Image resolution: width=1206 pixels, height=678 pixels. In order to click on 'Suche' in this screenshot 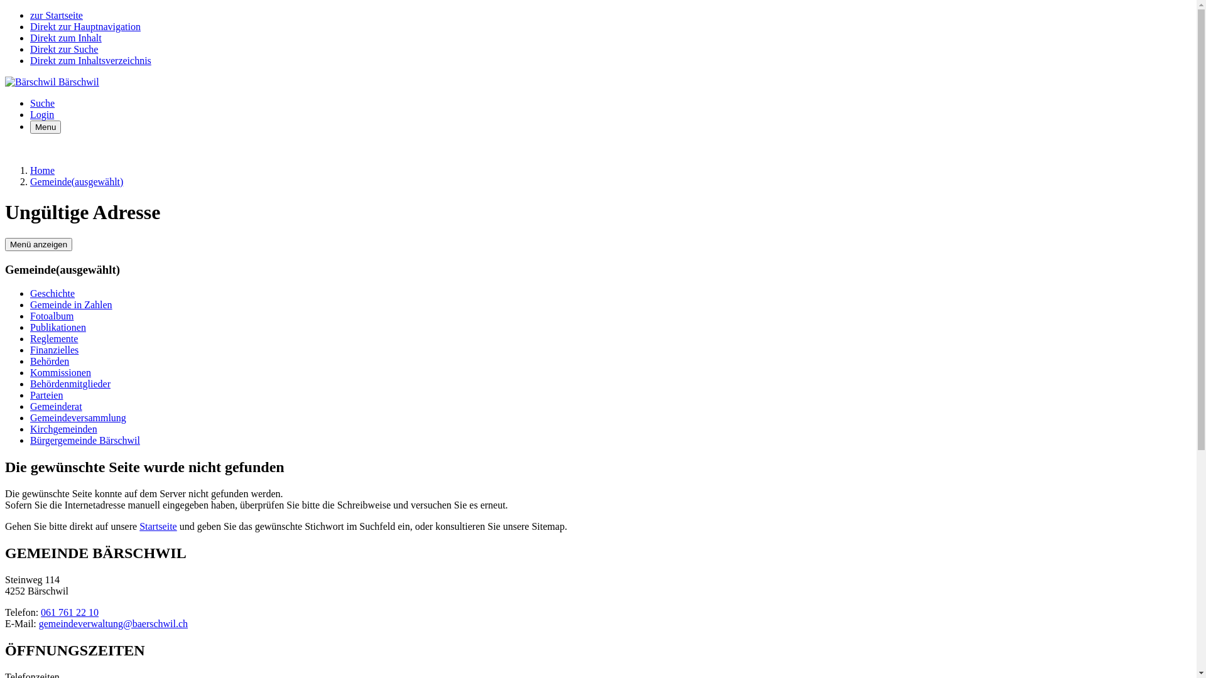, I will do `click(42, 102)`.